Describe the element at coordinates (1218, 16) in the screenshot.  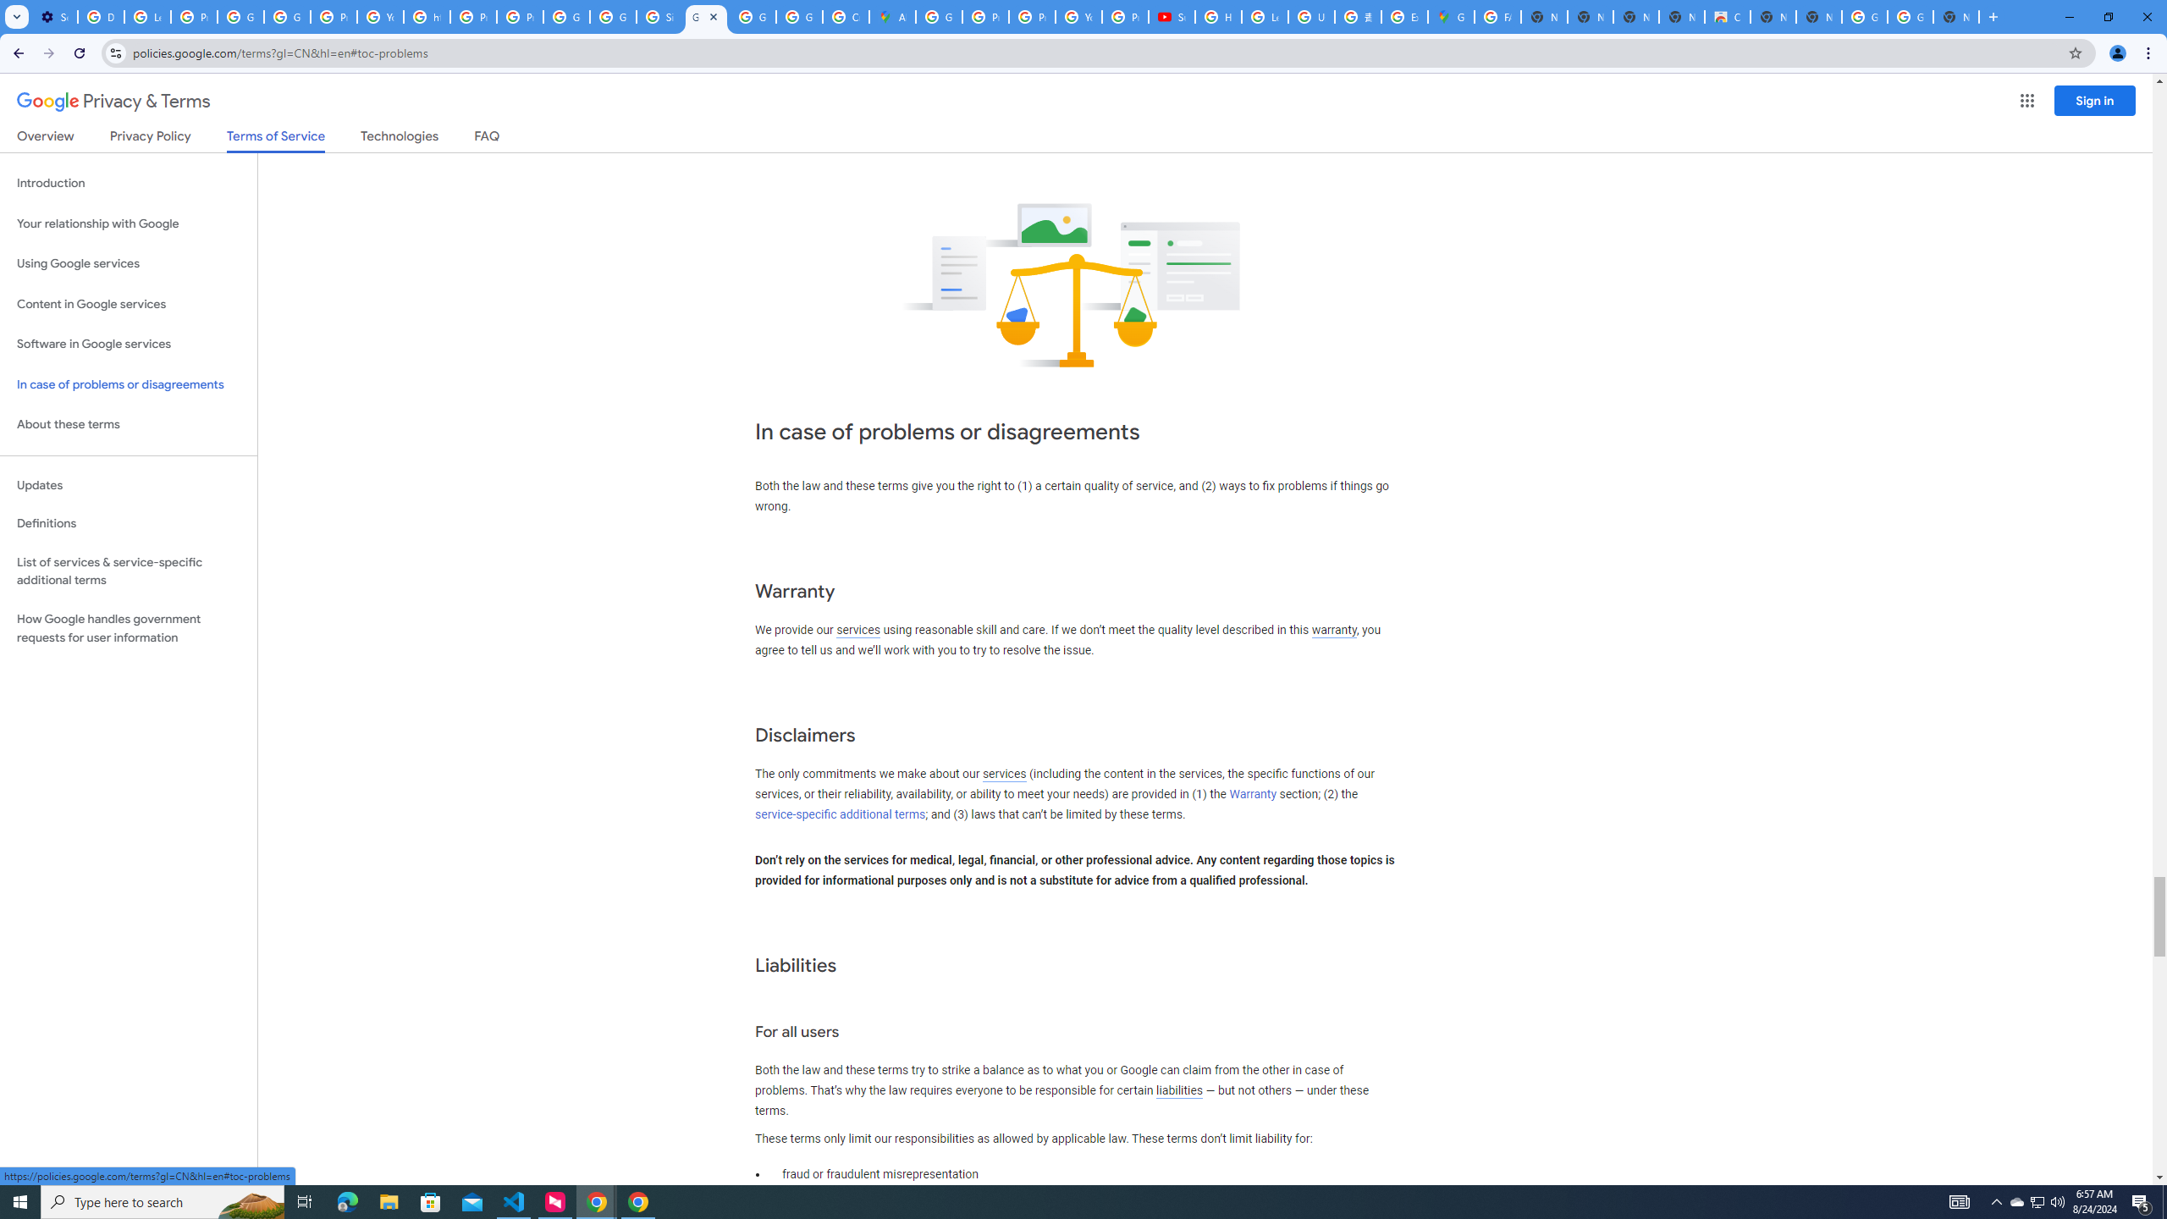
I see `'How Chrome protects your passwords - Google Chrome Help'` at that location.